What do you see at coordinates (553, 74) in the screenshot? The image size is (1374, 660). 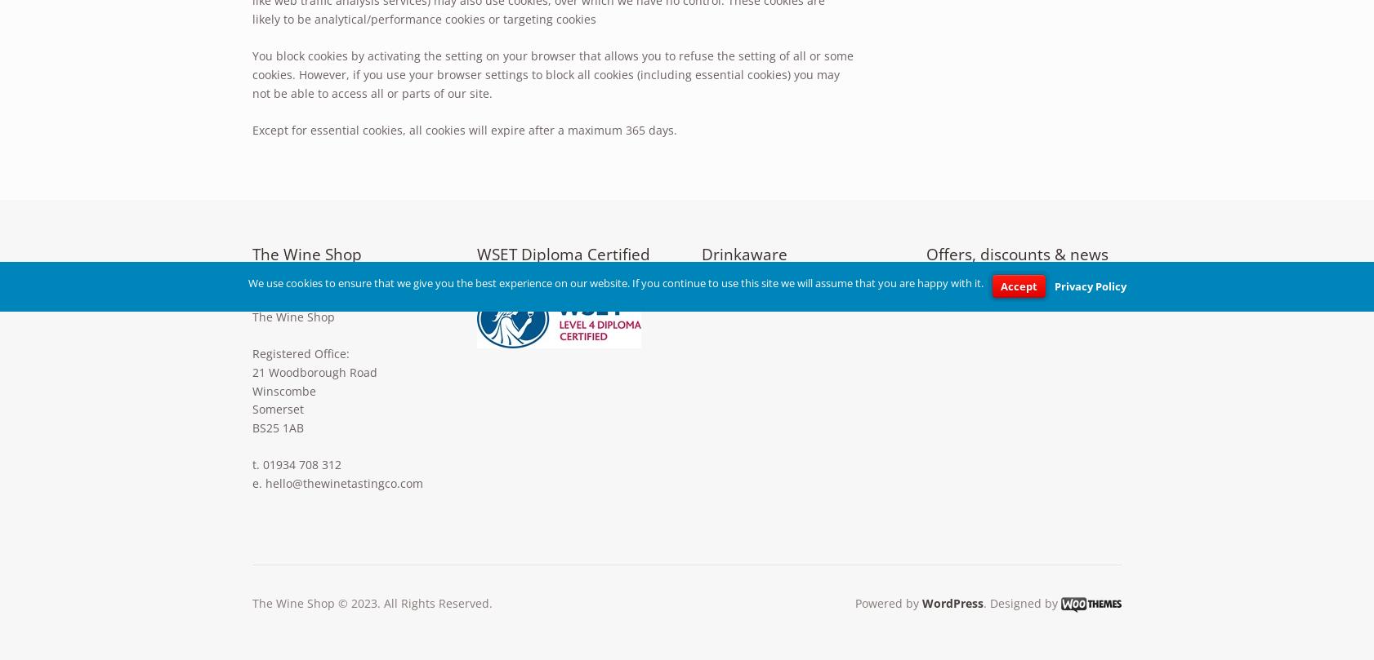 I see `'You block cookies by activating the setting on your browser that allows you to refuse the setting of all or some cookies. However, if you use your browser settings to block all cookies (including essential cookies) you may not be able to access all or parts of our site.'` at bounding box center [553, 74].